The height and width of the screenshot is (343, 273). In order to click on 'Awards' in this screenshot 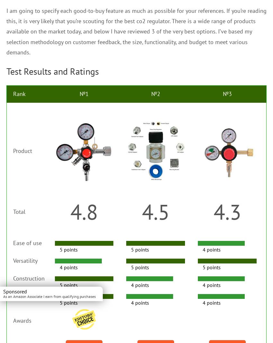, I will do `click(22, 320)`.